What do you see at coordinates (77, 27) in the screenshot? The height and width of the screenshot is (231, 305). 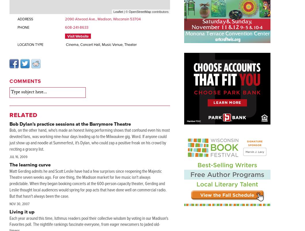 I see `'608-241-8633'` at bounding box center [77, 27].